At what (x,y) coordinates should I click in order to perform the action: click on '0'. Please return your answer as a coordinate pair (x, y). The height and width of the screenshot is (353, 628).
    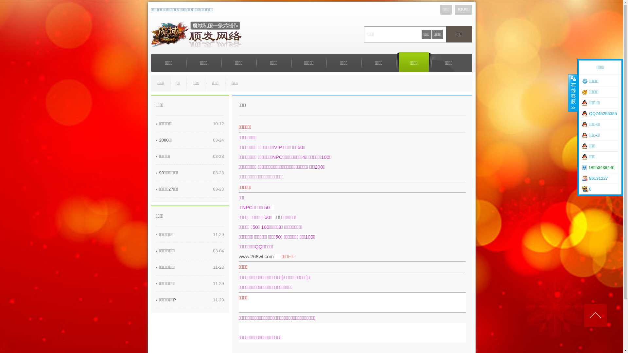
    Looking at the image, I should click on (600, 189).